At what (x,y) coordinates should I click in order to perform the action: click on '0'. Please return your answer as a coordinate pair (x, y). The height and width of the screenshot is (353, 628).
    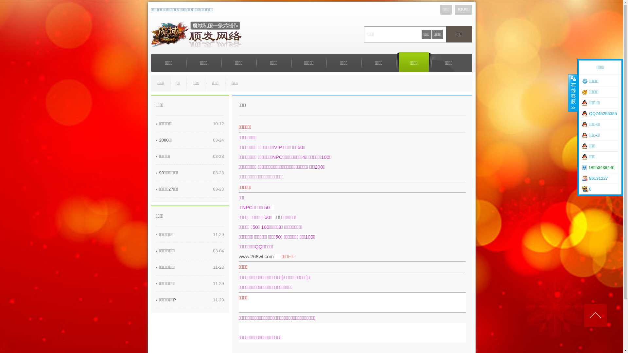
    Looking at the image, I should click on (600, 189).